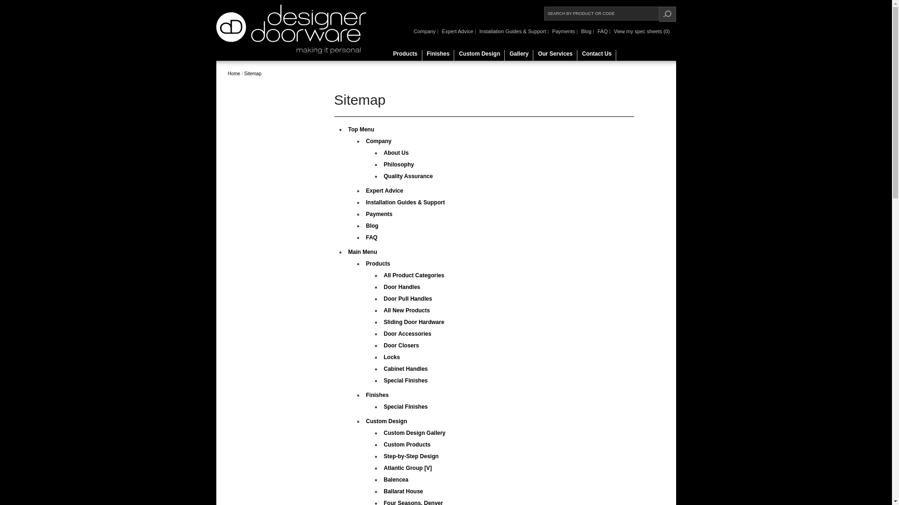 Image resolution: width=899 pixels, height=505 pixels. What do you see at coordinates (407, 444) in the screenshot?
I see `'Custom Products'` at bounding box center [407, 444].